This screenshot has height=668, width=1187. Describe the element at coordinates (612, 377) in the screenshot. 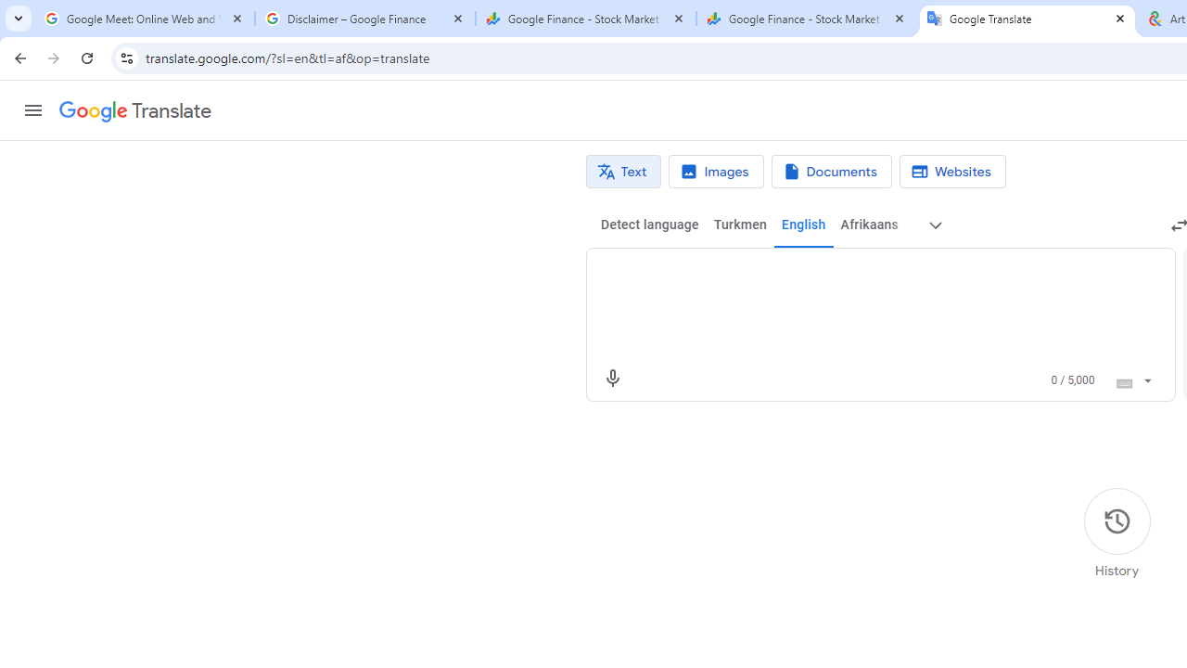

I see `'Translate by voice'` at that location.